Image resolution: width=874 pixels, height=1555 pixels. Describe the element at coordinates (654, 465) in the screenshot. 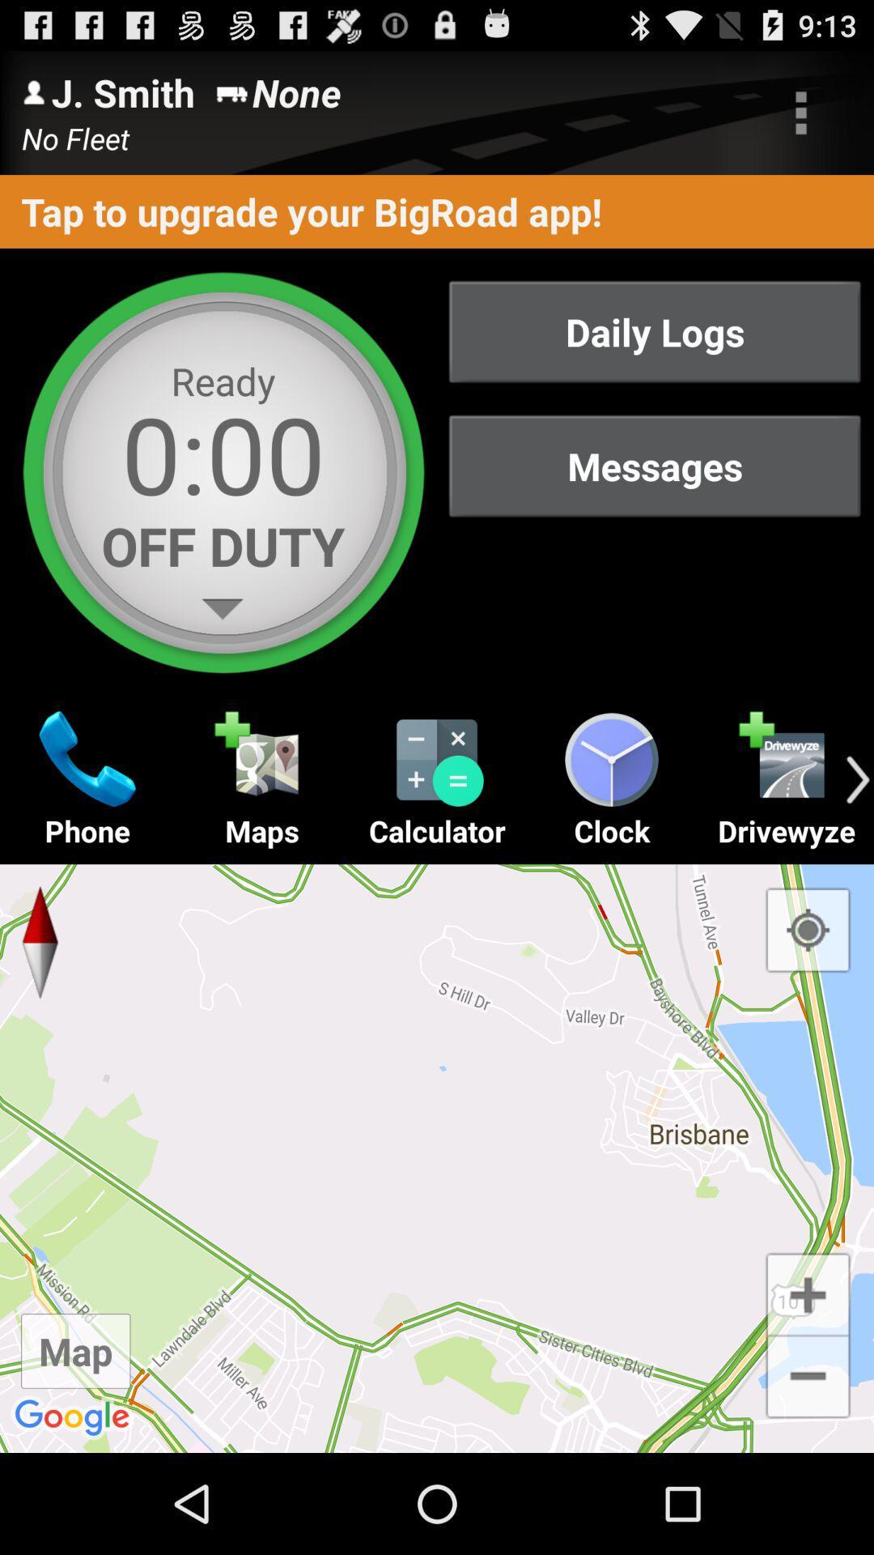

I see `messages item` at that location.